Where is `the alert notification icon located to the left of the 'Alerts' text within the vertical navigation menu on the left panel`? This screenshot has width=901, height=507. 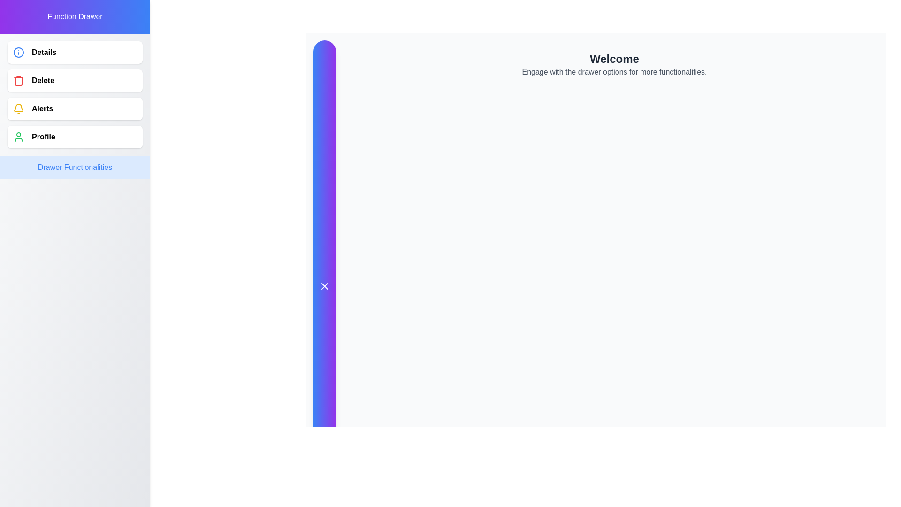
the alert notification icon located to the left of the 'Alerts' text within the vertical navigation menu on the left panel is located at coordinates (18, 108).